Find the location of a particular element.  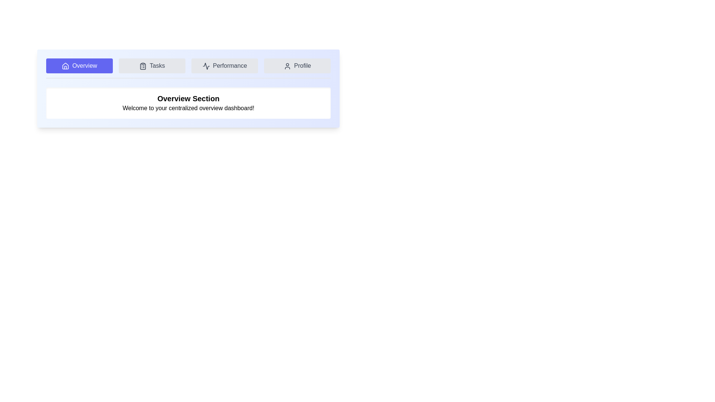

the navigational button labeled as the last item in the horizontal list of buttons is located at coordinates (297, 66).